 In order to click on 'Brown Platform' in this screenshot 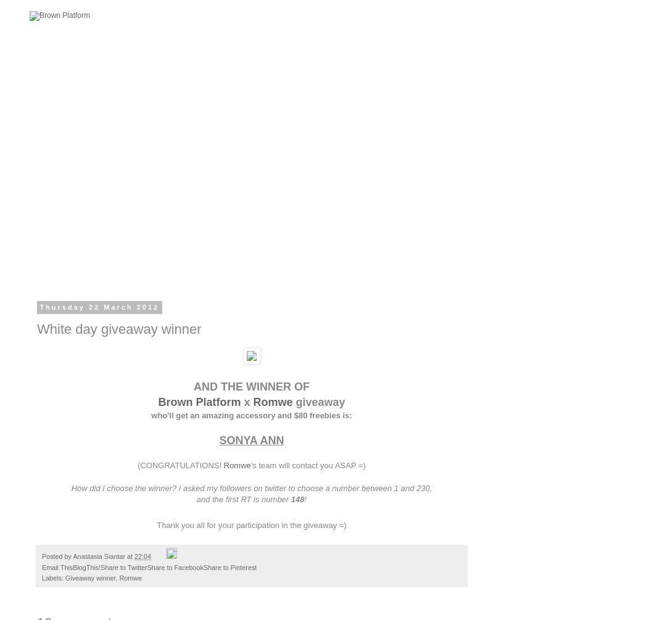, I will do `click(198, 401)`.